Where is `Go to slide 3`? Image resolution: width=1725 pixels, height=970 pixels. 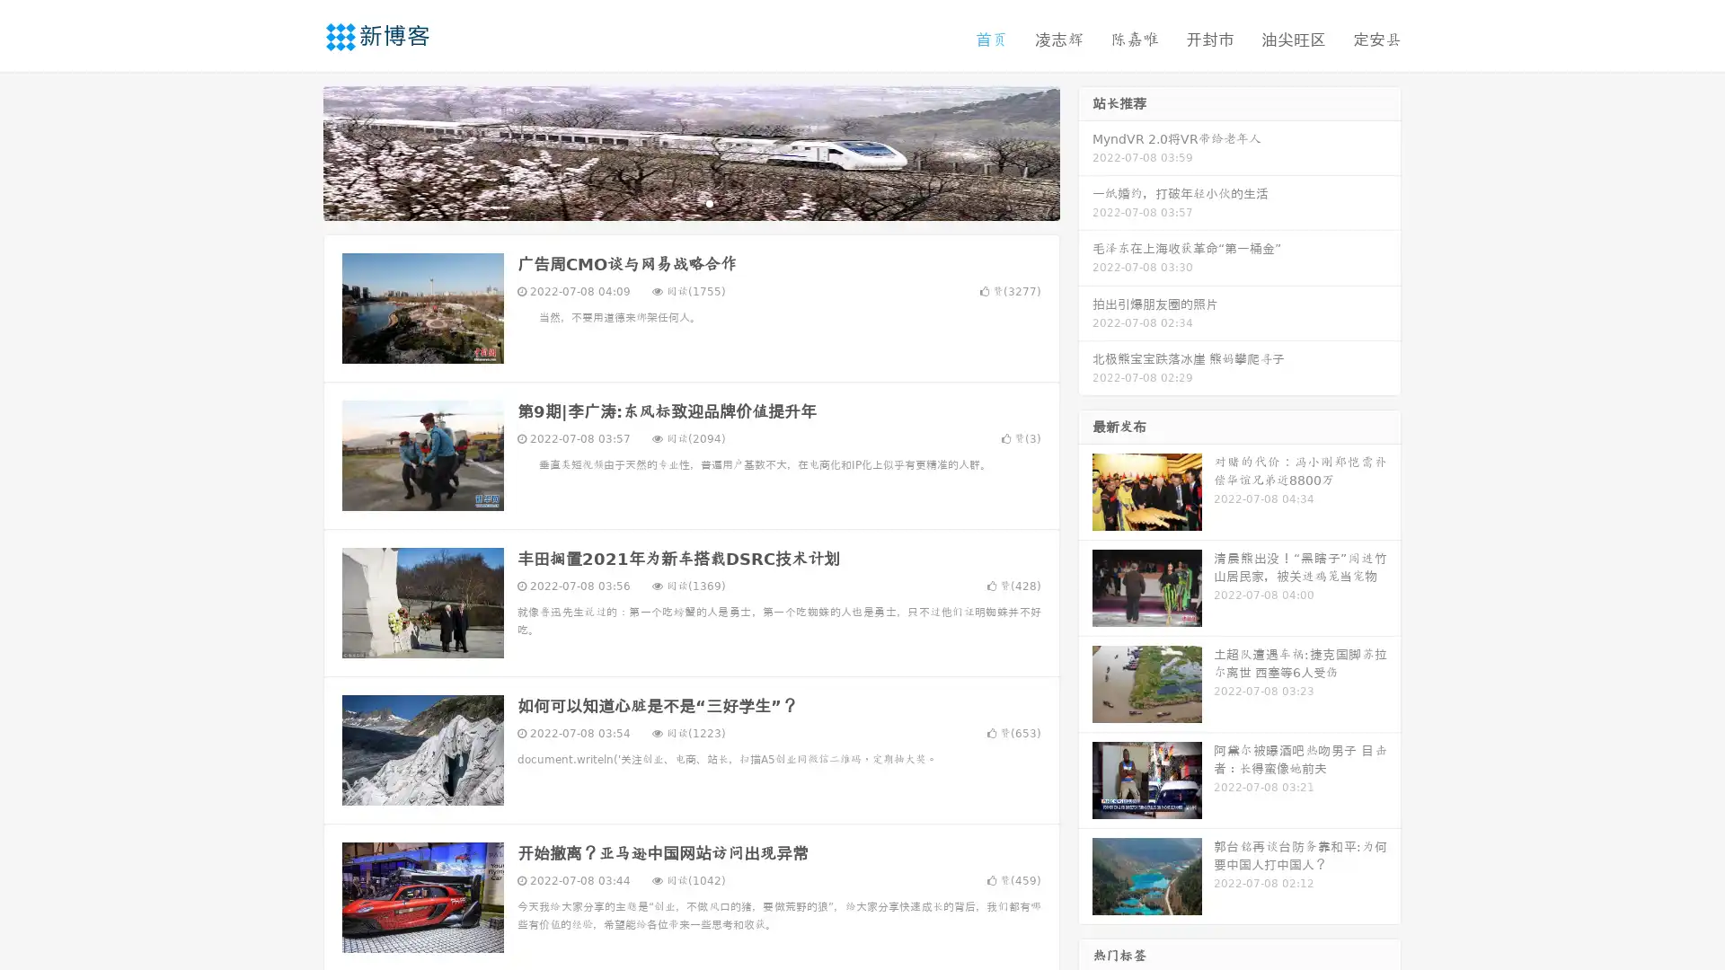
Go to slide 3 is located at coordinates (709, 202).